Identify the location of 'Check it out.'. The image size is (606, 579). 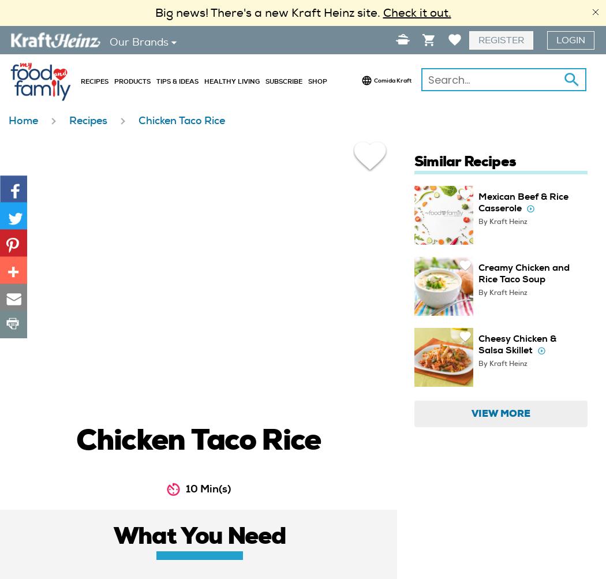
(381, 13).